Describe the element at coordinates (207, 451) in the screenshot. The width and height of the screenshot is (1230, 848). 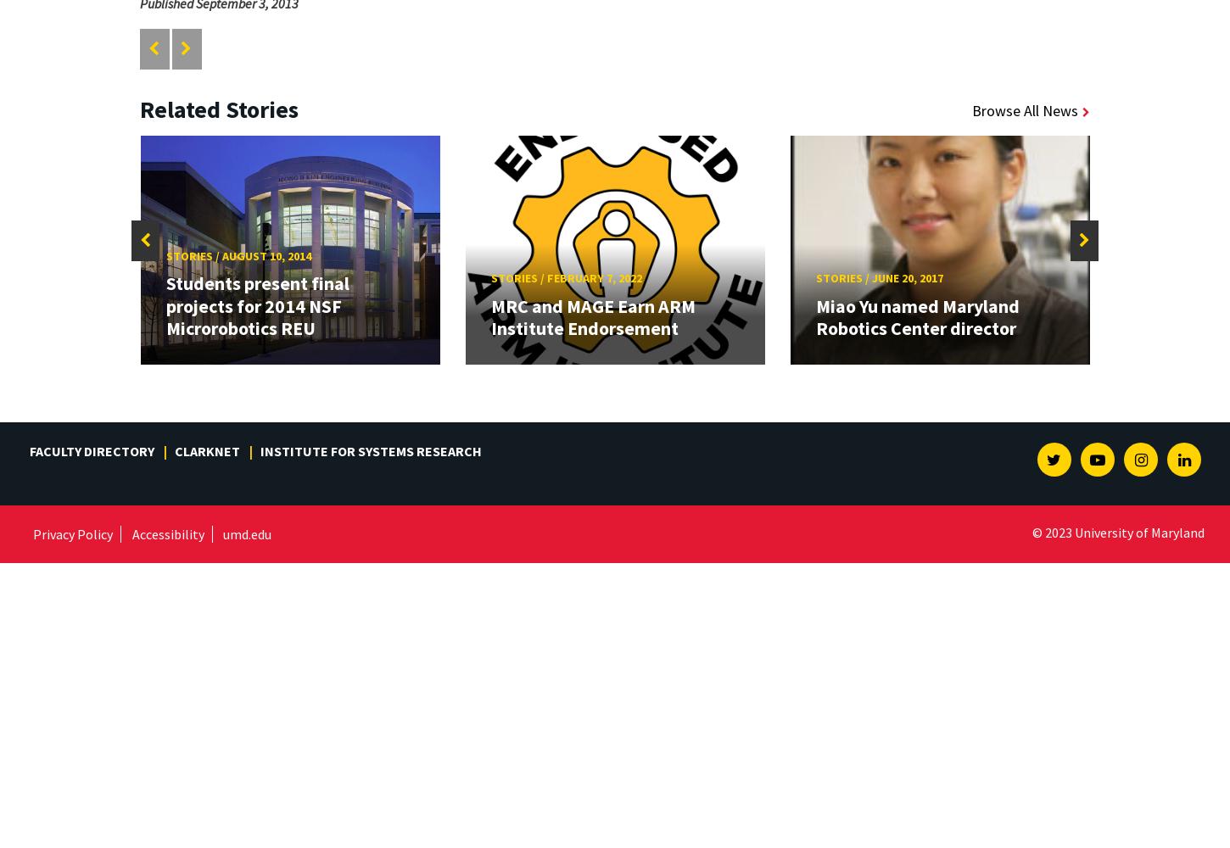
I see `'ClarkNet'` at that location.